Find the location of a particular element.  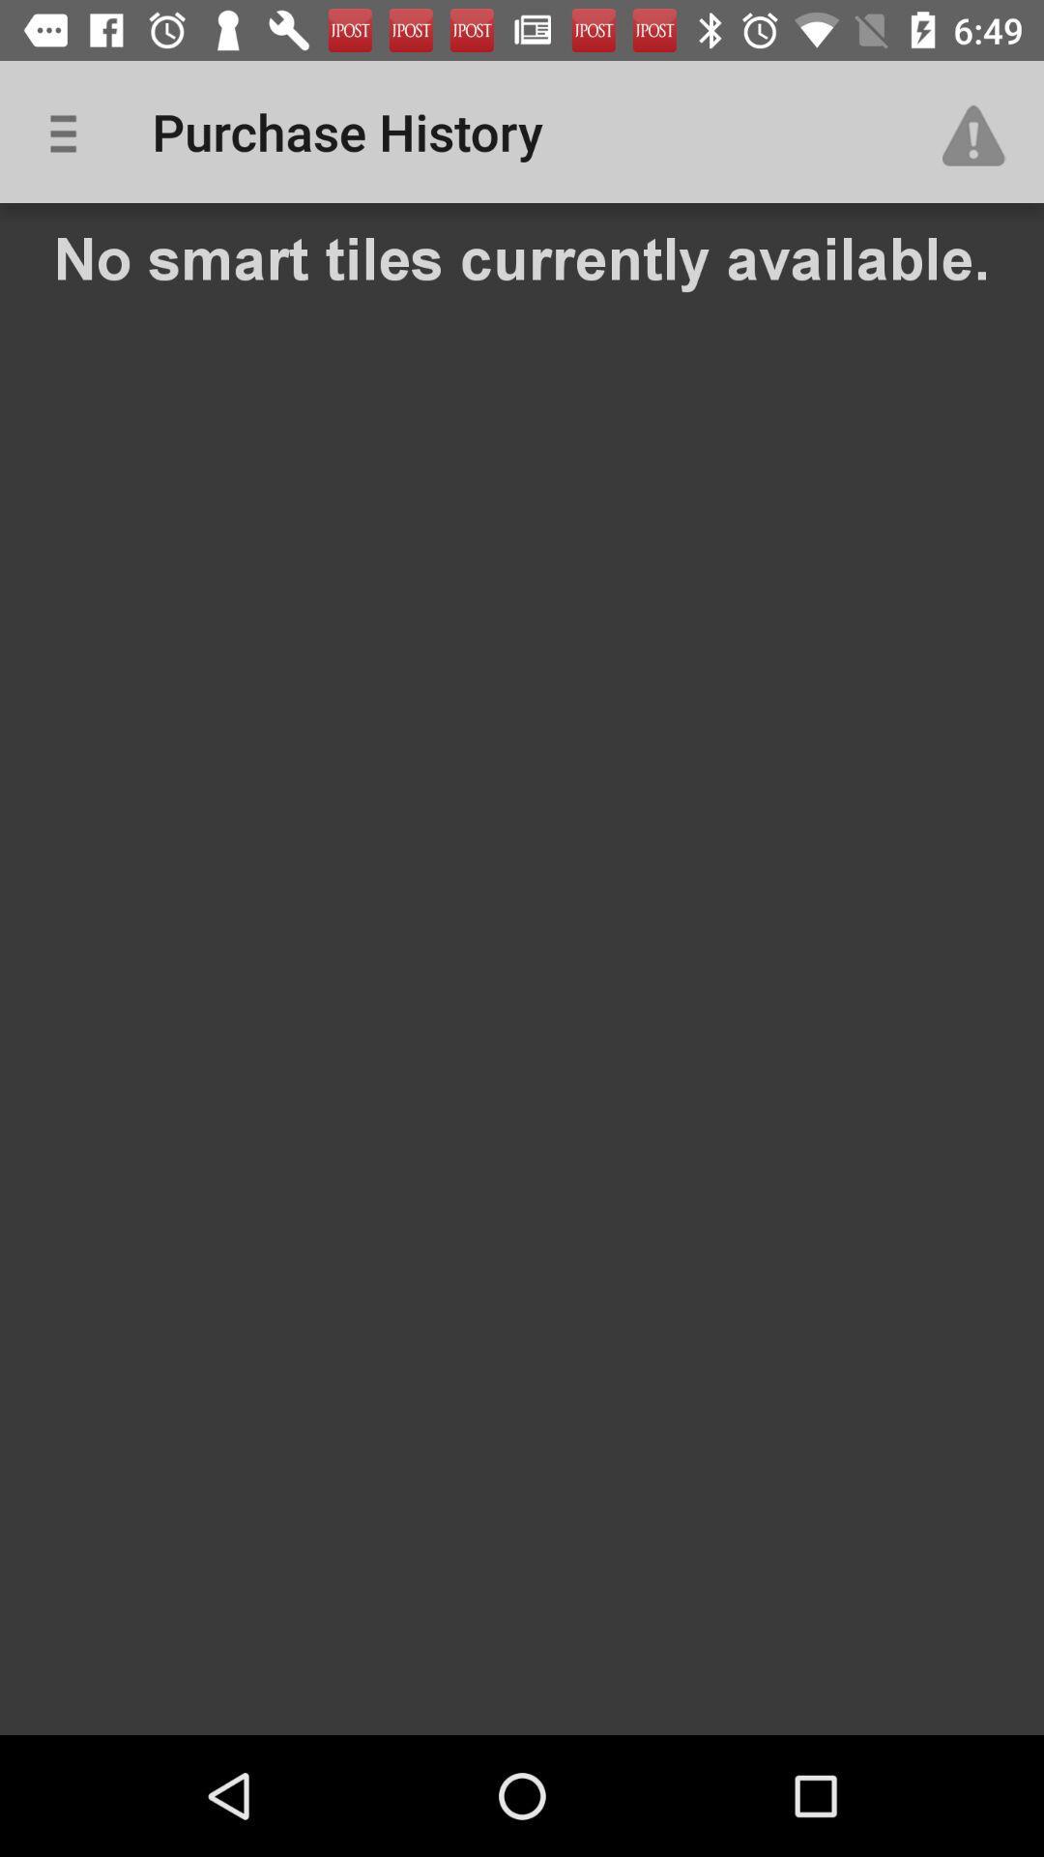

icon at the top right corner is located at coordinates (983, 131).